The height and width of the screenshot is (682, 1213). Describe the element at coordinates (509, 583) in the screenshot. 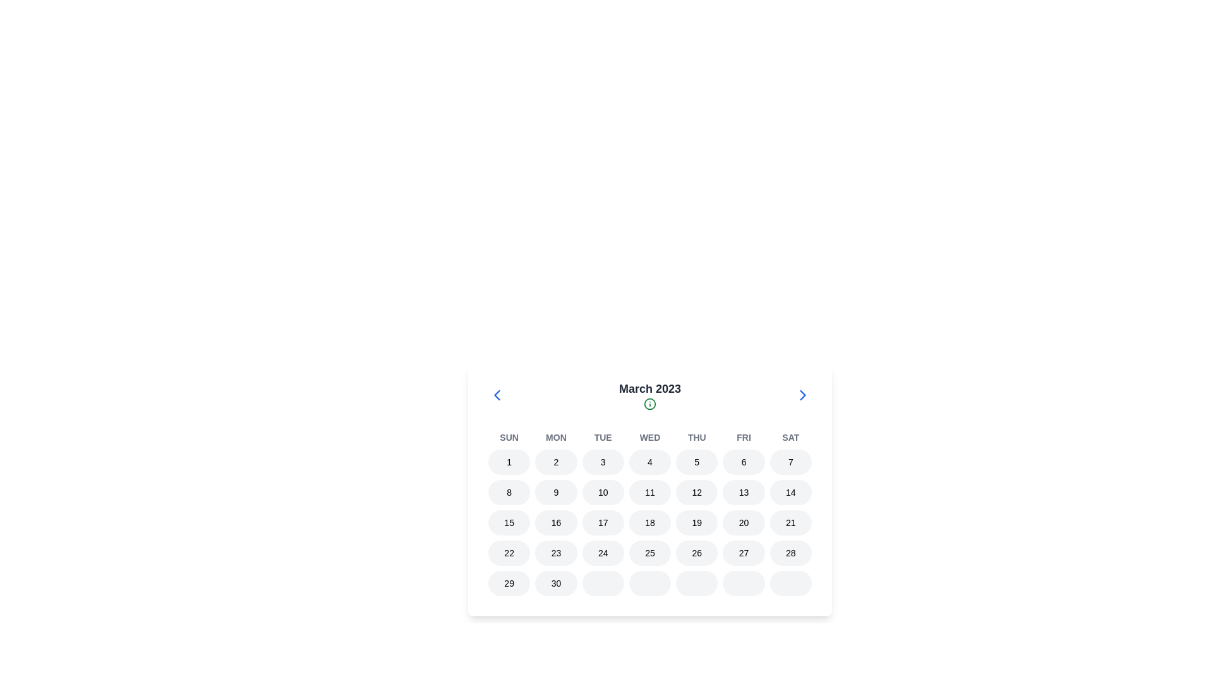

I see `the circular button labeled '29' with a light gray background` at that location.